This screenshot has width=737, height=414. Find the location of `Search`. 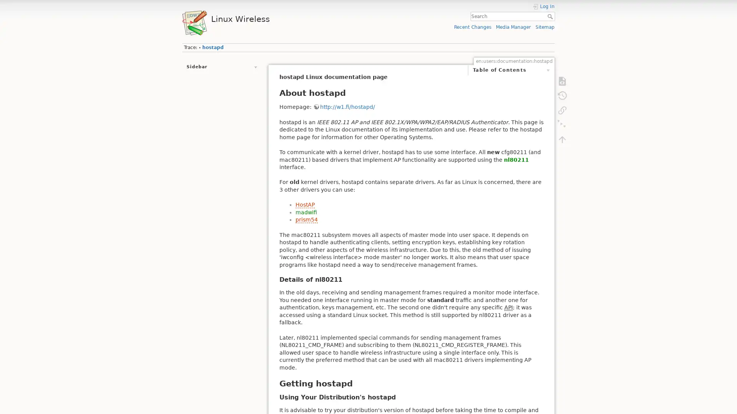

Search is located at coordinates (550, 16).